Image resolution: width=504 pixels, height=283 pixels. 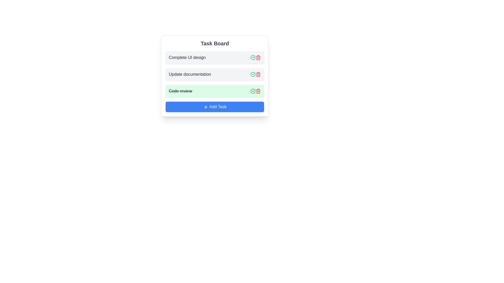 What do you see at coordinates (253, 74) in the screenshot?
I see `the button next to 'Update documentation' to mark the task as completed` at bounding box center [253, 74].